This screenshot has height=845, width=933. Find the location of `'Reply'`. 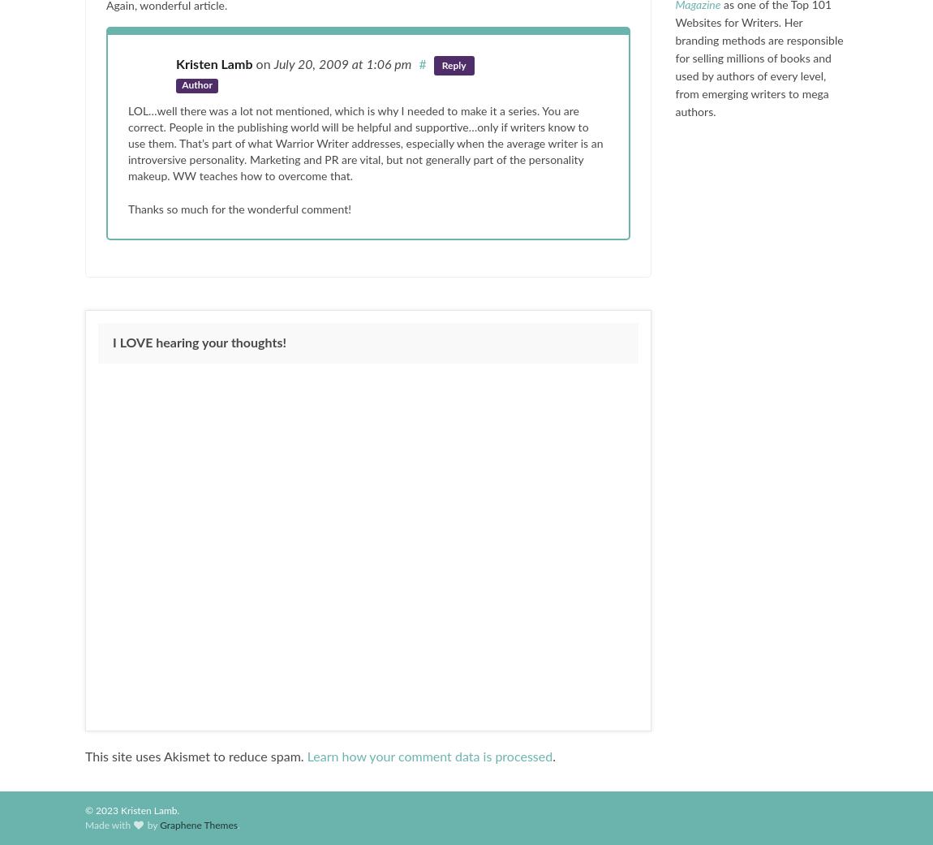

'Reply' is located at coordinates (454, 64).